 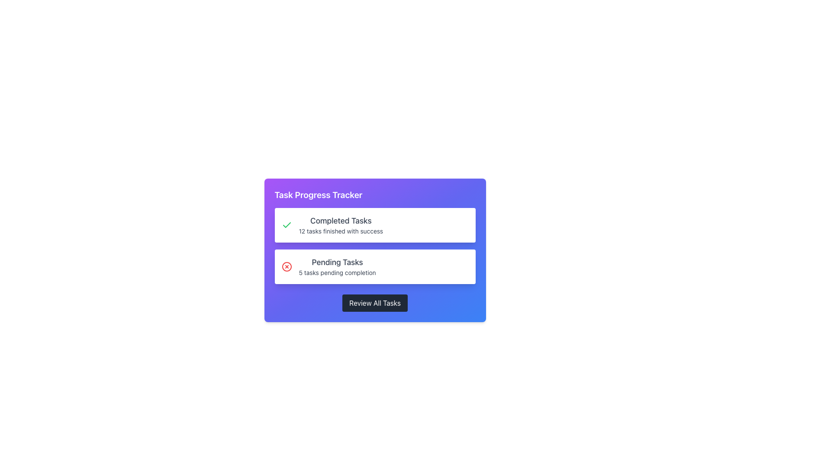 What do you see at coordinates (340, 231) in the screenshot?
I see `the text label that reads '12 tasks finished with success', which is located beneath the 'Completed Tasks' header and aligned centrally within a white box on a gradient purple background` at bounding box center [340, 231].